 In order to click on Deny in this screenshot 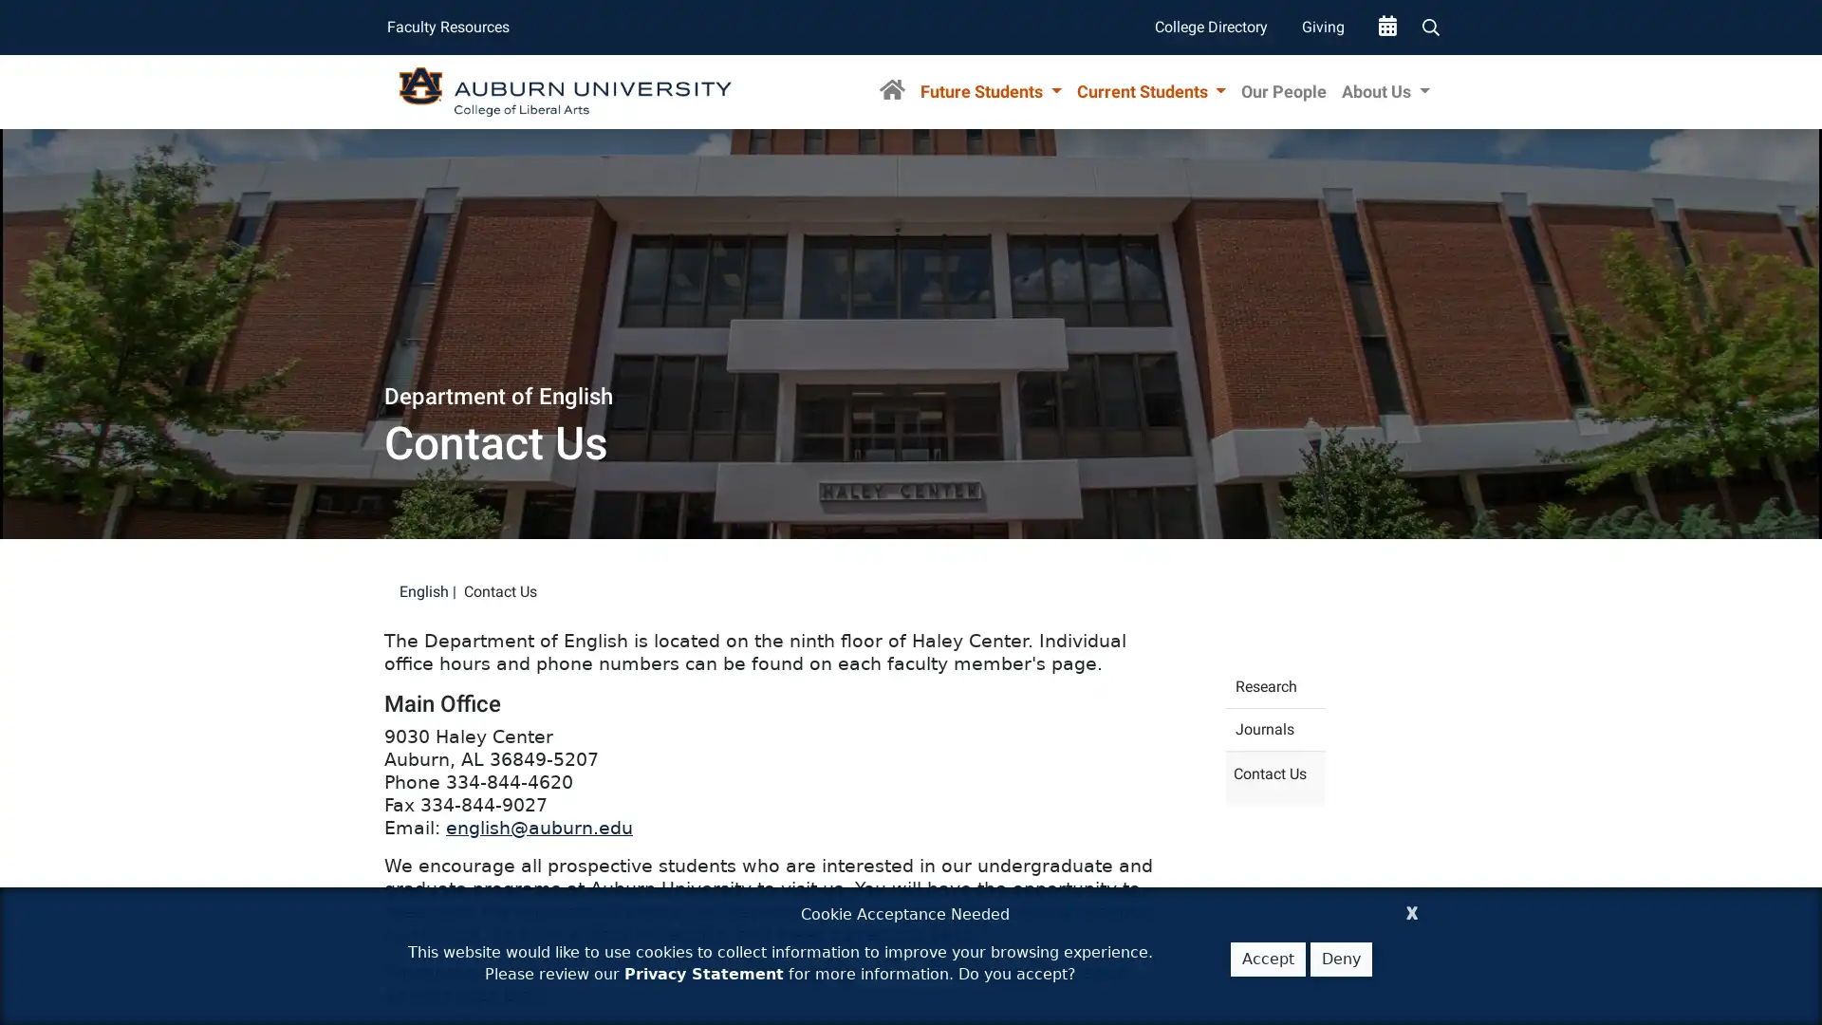, I will do `click(1340, 959)`.